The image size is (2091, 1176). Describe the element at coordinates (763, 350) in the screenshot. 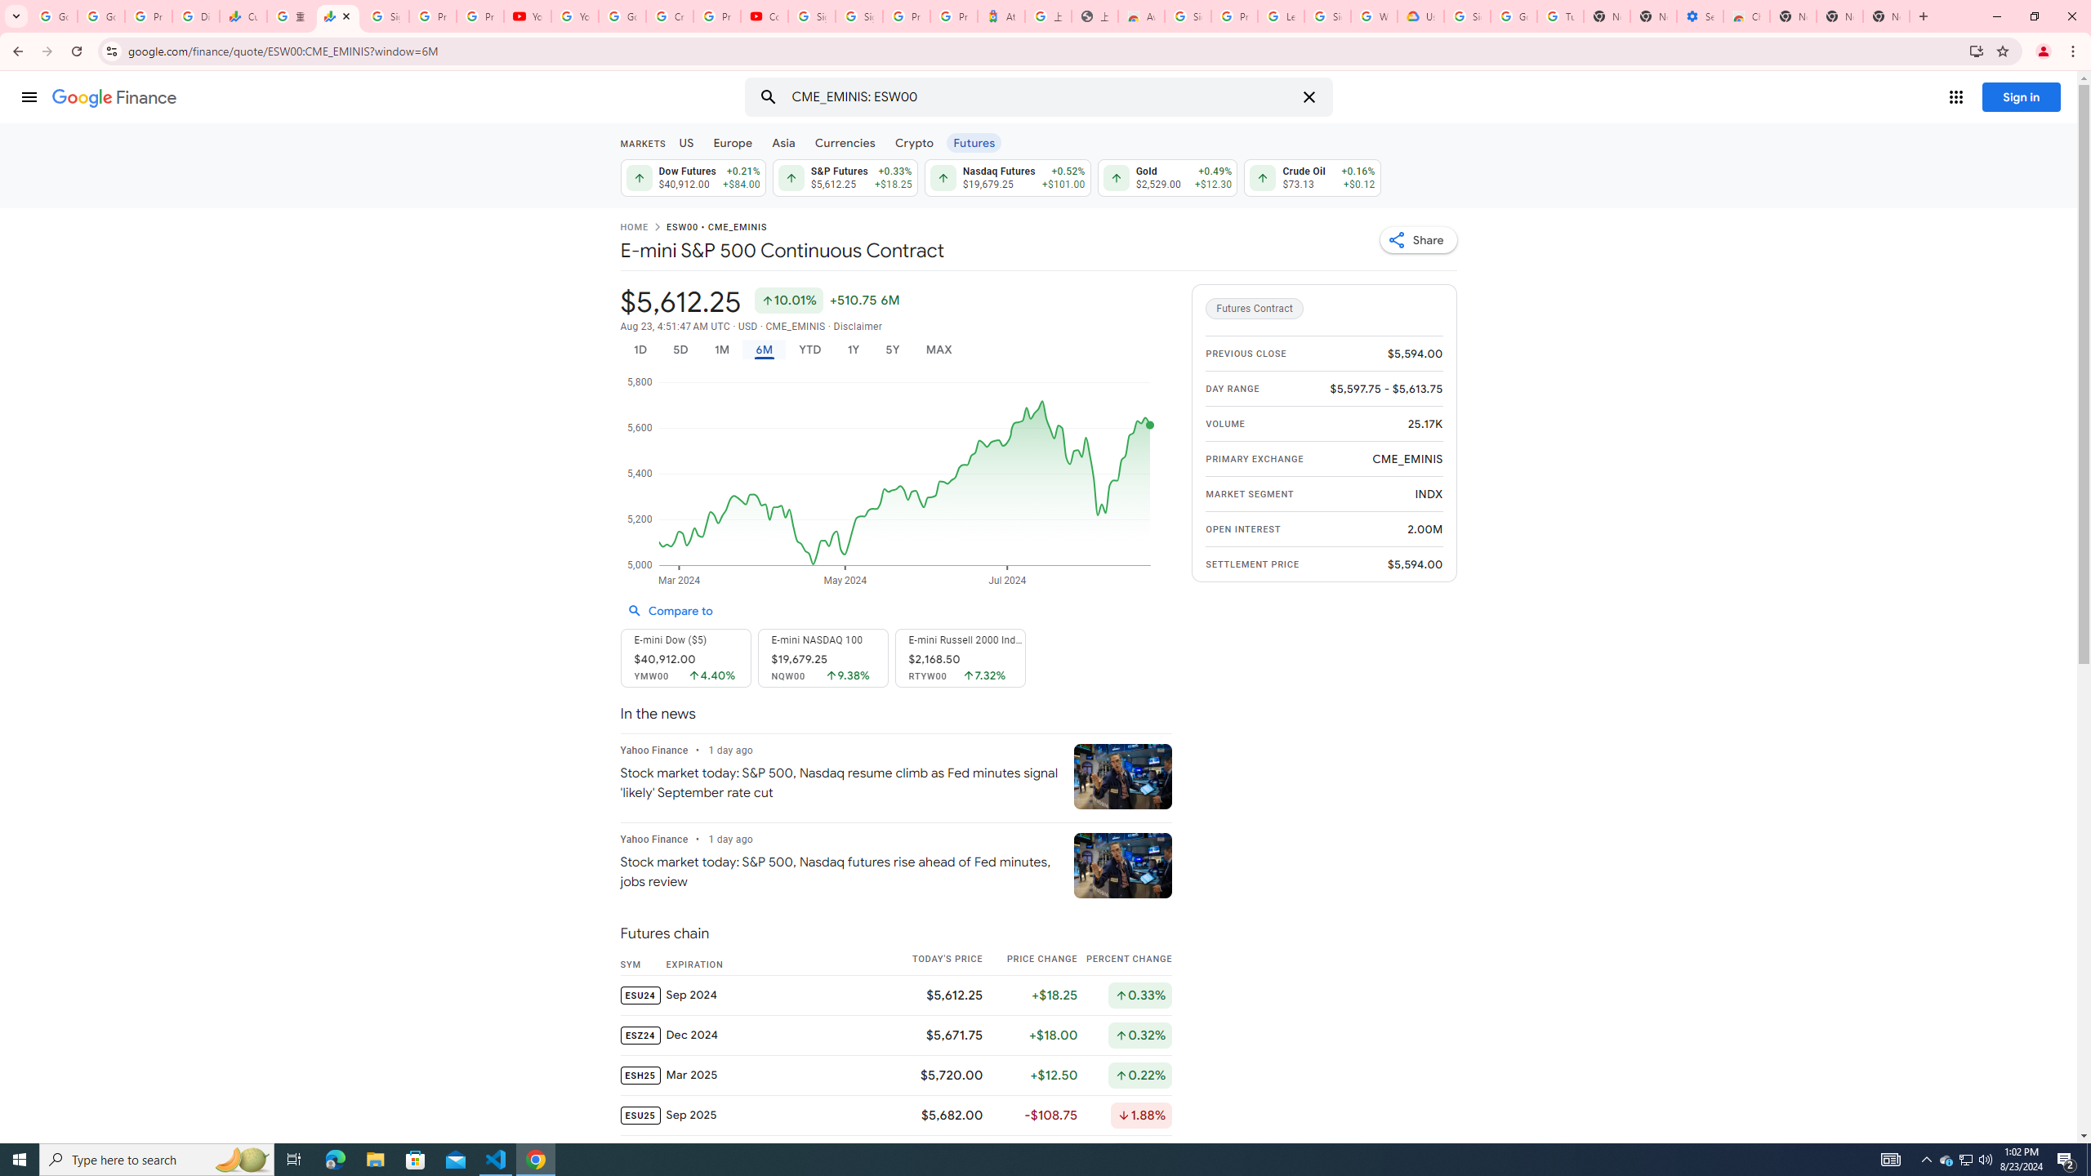

I see `'6M'` at that location.